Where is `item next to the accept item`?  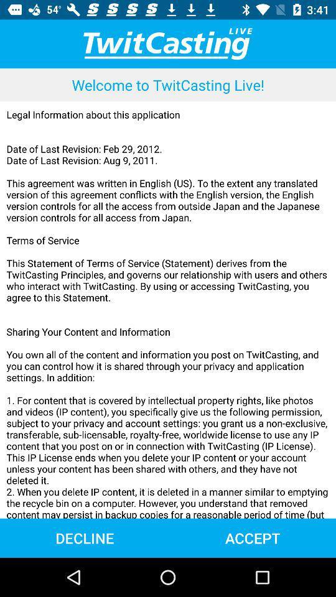
item next to the accept item is located at coordinates (84, 537).